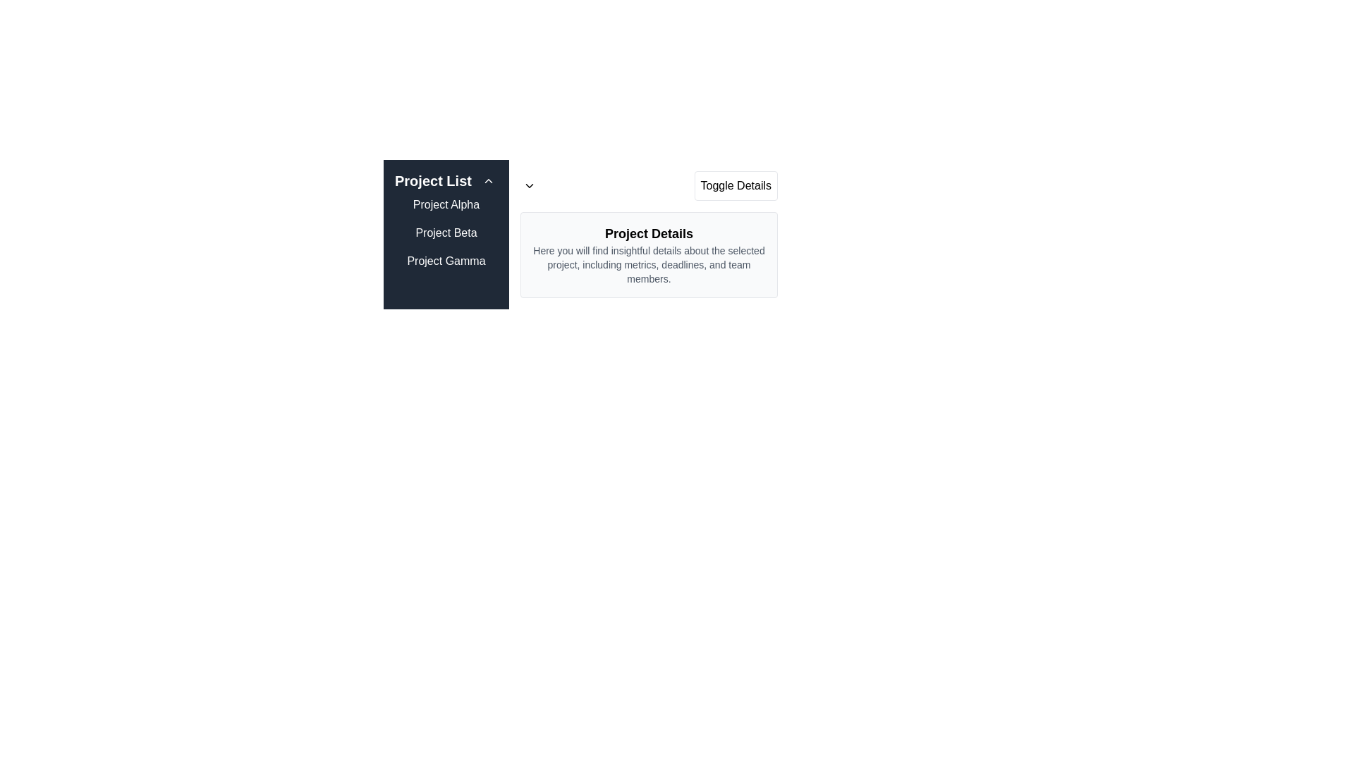  I want to click on the Icon button that toggles the upward collapse or scrolling of the 'Project List' menu to change its background color, so click(488, 180).